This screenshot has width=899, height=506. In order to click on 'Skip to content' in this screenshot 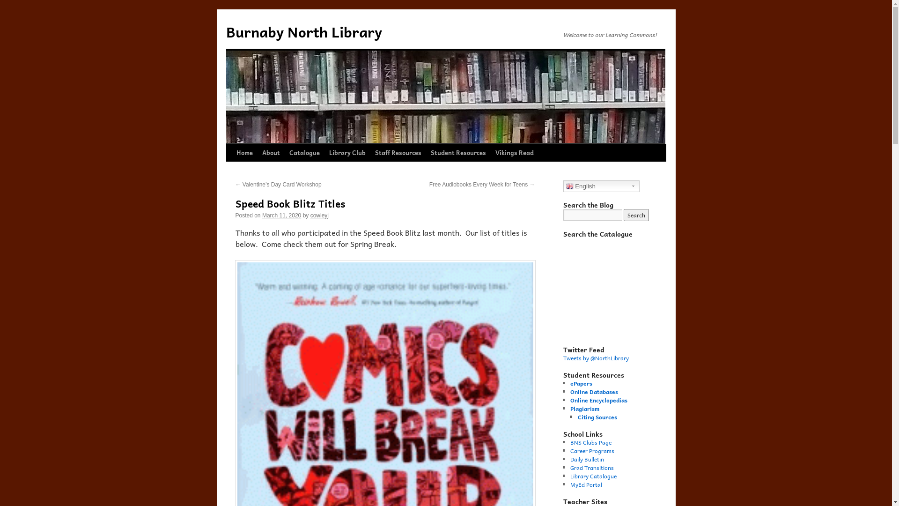, I will do `click(225, 170)`.